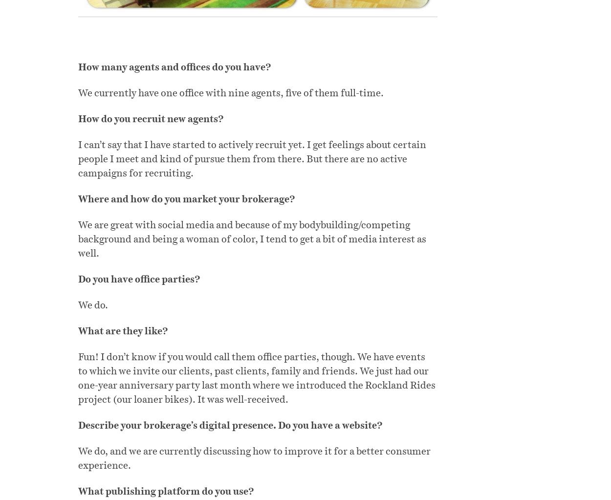 The width and height of the screenshot is (611, 500). I want to click on 'We do, and we are currently discussing how to improve it for a better consumer experience.', so click(254, 457).